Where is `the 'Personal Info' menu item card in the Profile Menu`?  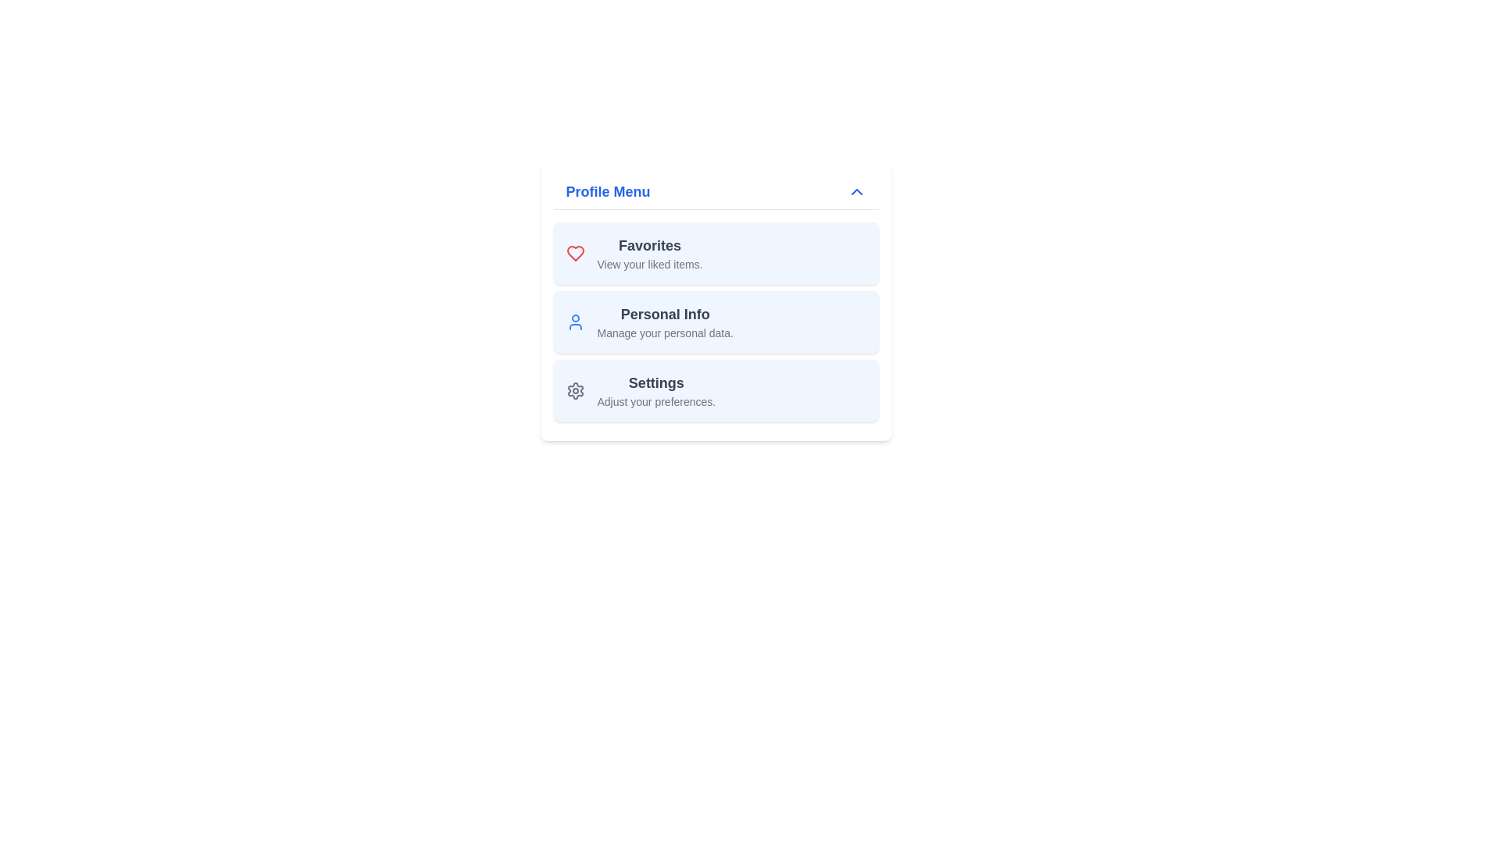
the 'Personal Info' menu item card in the Profile Menu is located at coordinates (715, 321).